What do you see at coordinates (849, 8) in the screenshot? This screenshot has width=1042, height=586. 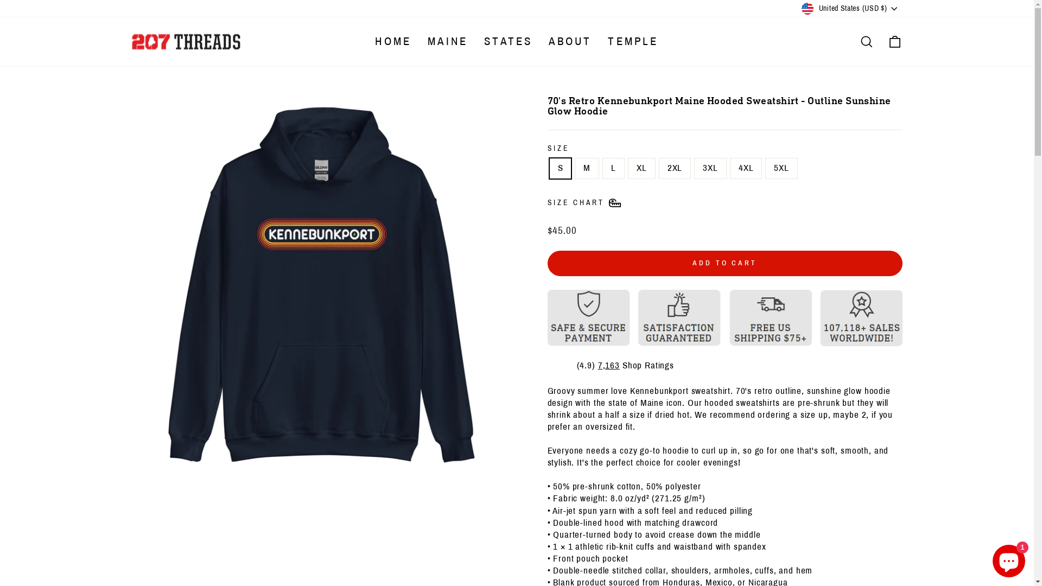 I see `'United States (USD $)'` at bounding box center [849, 8].